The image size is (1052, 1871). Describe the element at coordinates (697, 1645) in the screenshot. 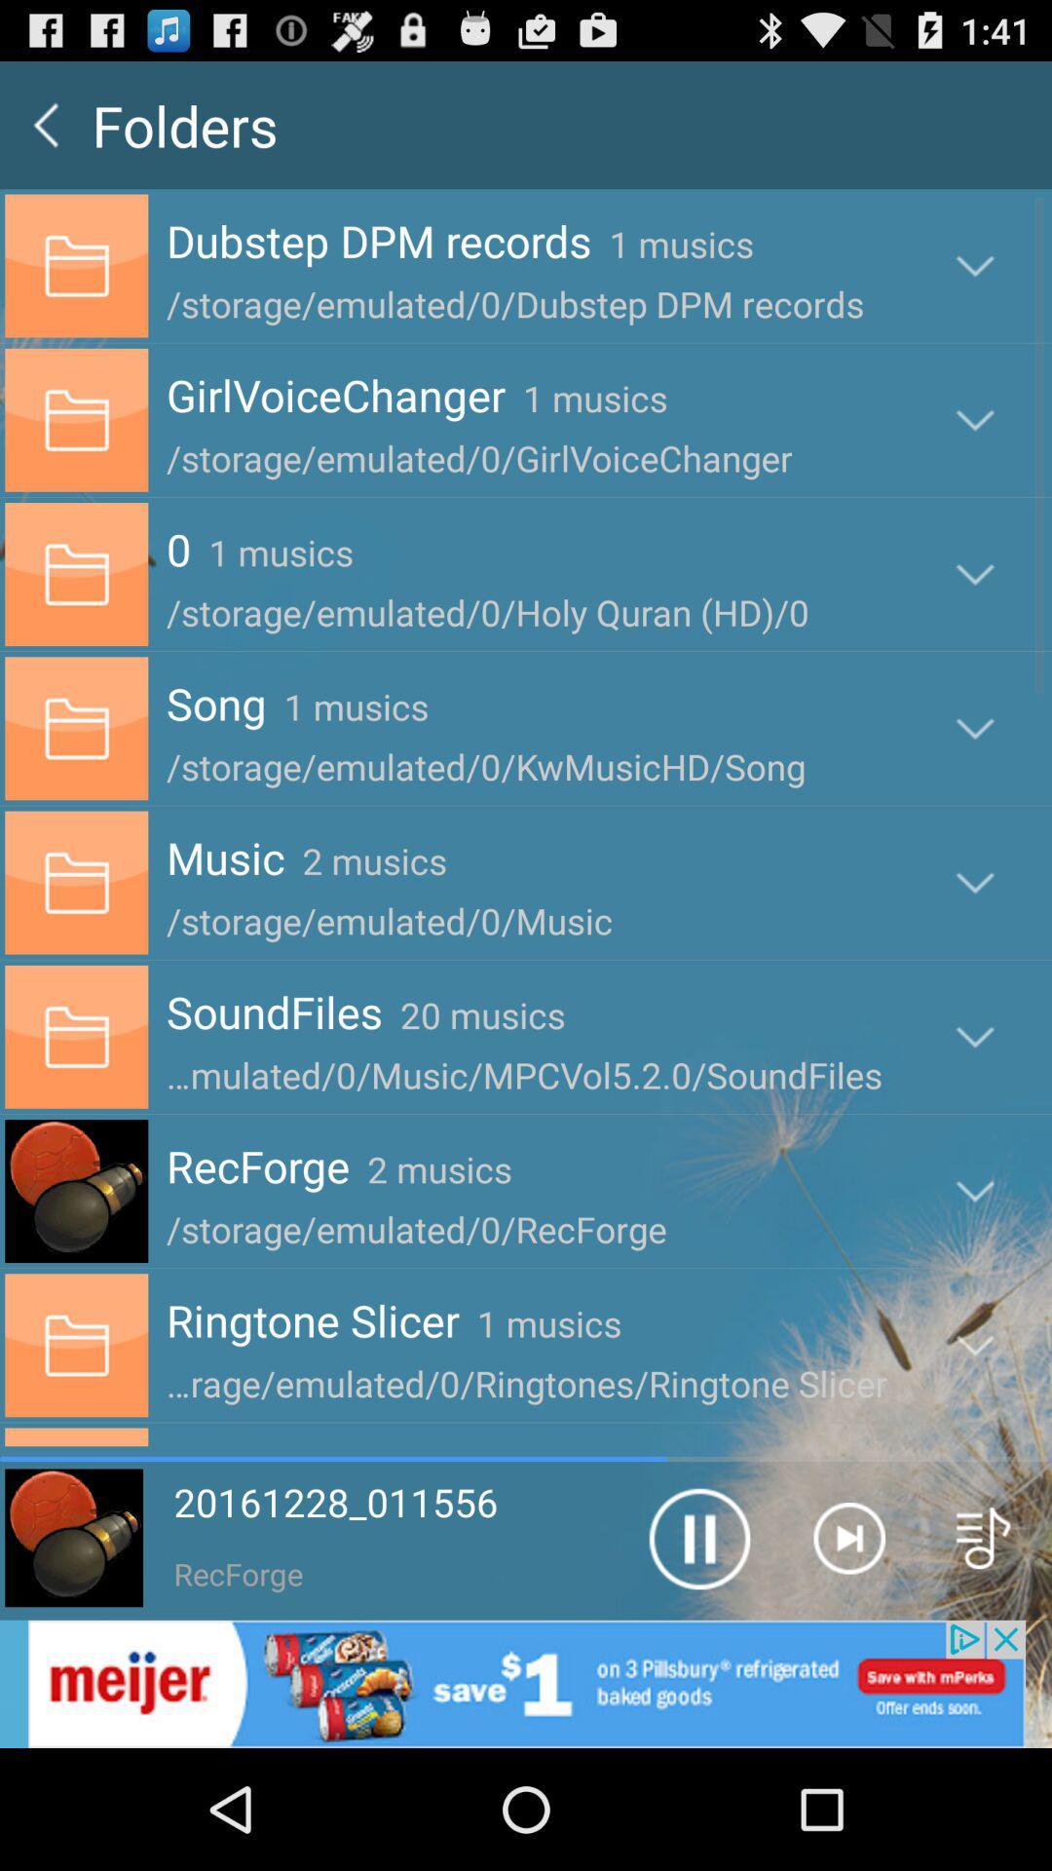

I see `the pause icon` at that location.